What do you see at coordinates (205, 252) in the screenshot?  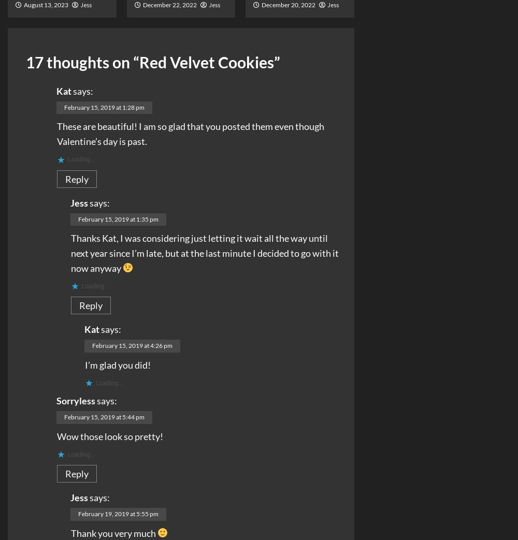 I see `'Thanks Kat, I was considering just letting it wait all the way until next year since I’m late, but at the last minute I decided to go with it now anyway'` at bounding box center [205, 252].